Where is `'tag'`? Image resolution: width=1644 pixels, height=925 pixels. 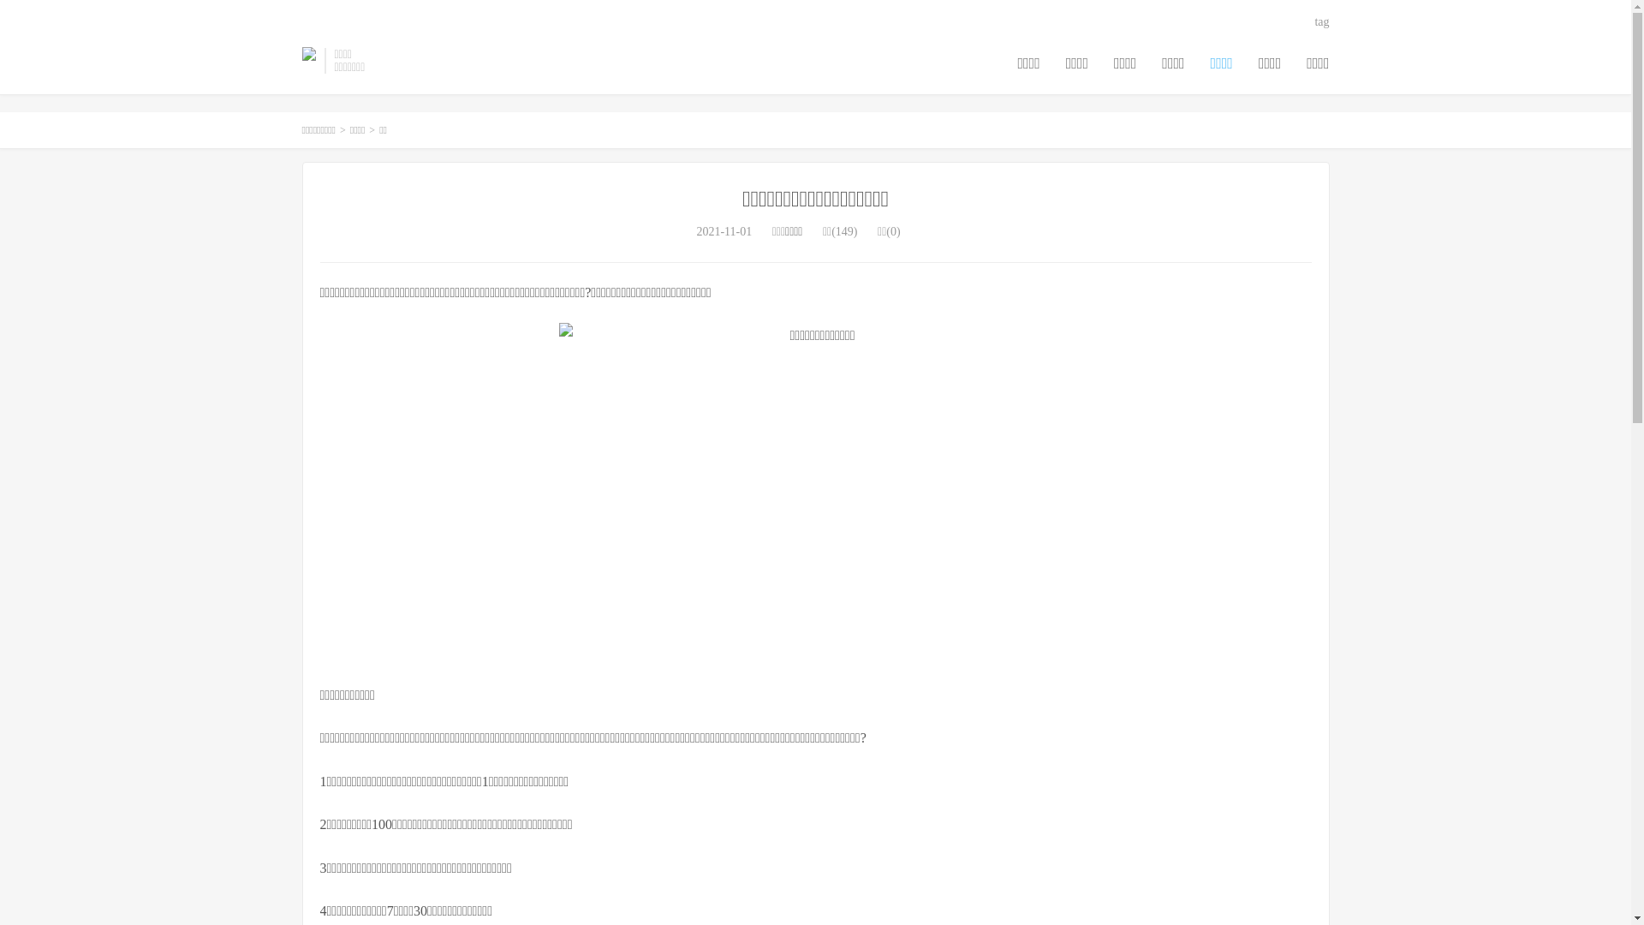
'tag' is located at coordinates (1320, 22).